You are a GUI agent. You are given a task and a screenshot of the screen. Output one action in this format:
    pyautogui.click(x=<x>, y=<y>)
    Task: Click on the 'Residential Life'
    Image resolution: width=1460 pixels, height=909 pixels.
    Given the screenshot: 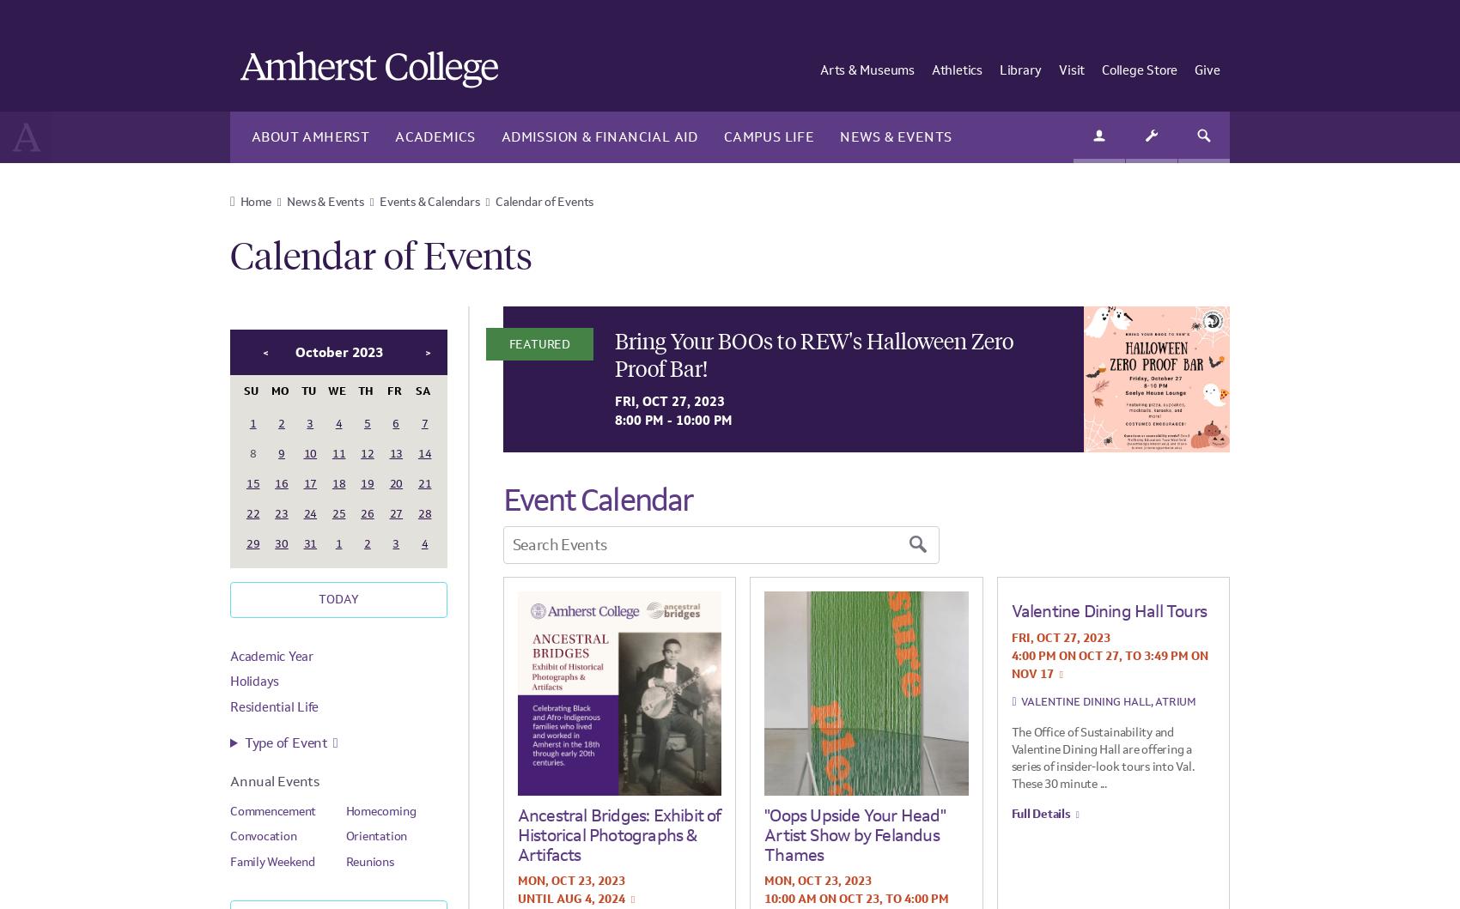 What is the action you would take?
    pyautogui.click(x=229, y=705)
    